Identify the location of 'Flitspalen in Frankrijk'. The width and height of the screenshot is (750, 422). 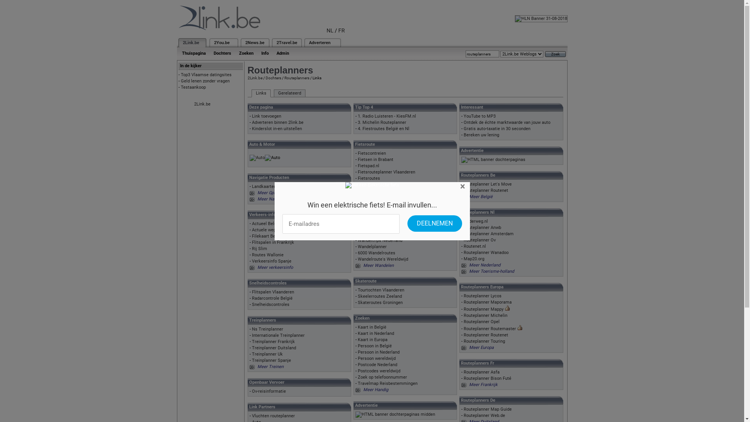
(272, 242).